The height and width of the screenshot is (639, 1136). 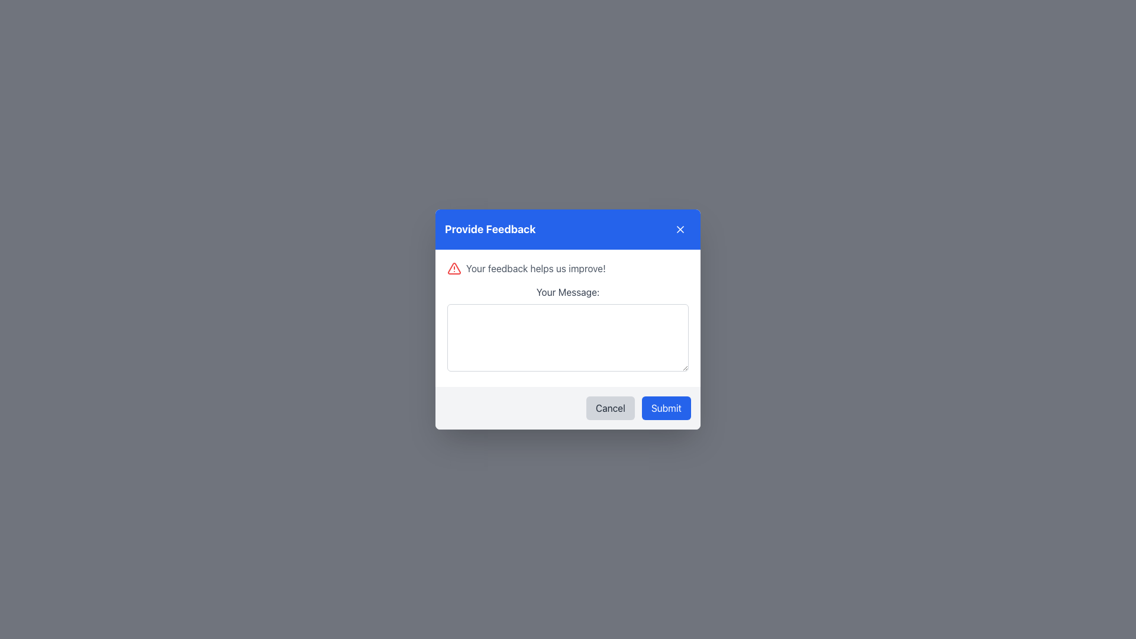 What do you see at coordinates (680, 230) in the screenshot?
I see `the close button located in the top-right corner of the header bar containing the text 'Provide Feedback'` at bounding box center [680, 230].